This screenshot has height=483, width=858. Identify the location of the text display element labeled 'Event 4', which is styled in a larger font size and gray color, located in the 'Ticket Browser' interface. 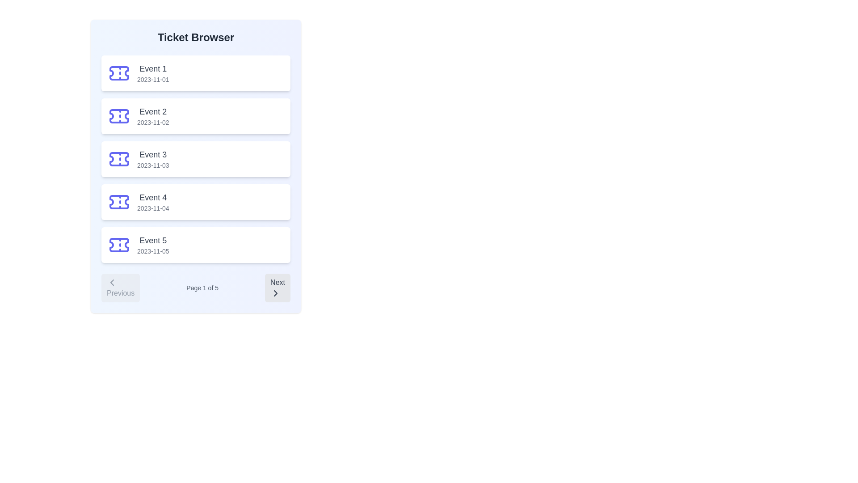
(153, 197).